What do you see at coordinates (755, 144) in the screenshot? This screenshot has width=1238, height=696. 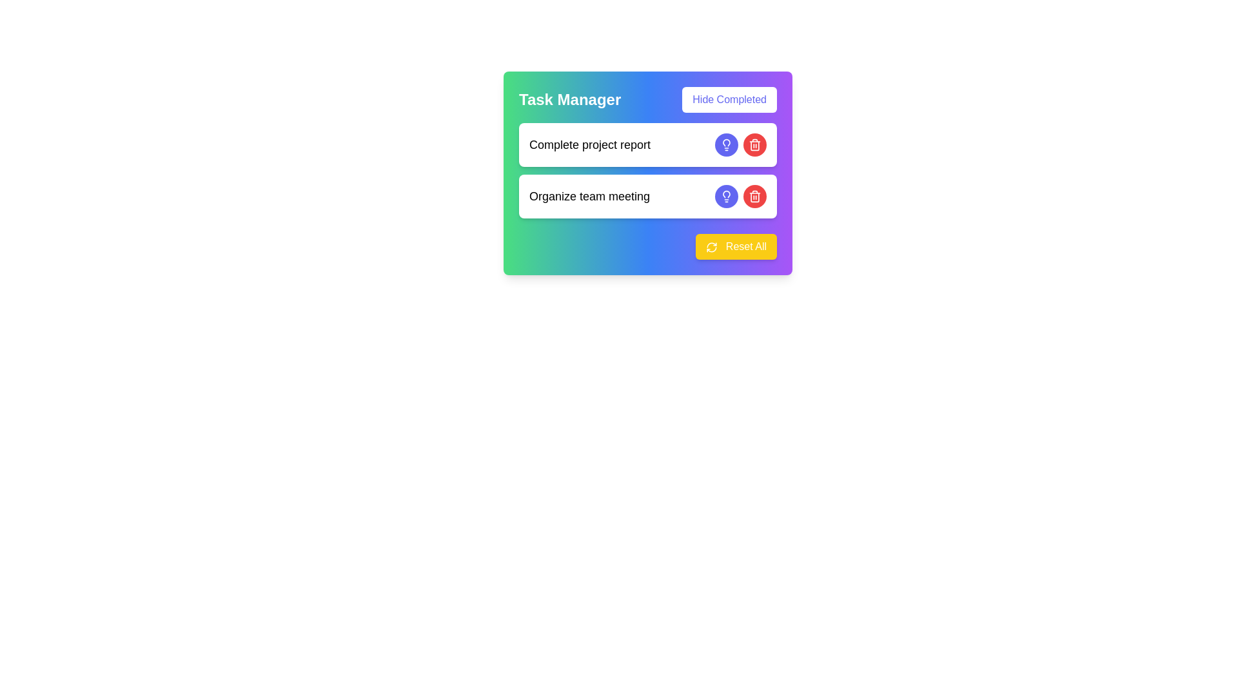 I see `the delete button located to the right of the 'Complete project report' task` at bounding box center [755, 144].